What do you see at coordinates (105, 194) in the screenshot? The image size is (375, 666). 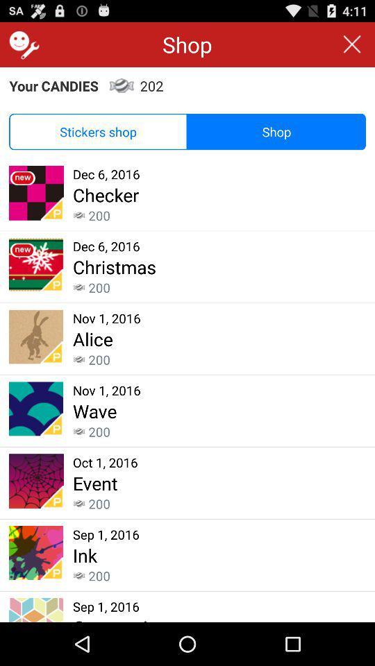 I see `the checker app` at bounding box center [105, 194].